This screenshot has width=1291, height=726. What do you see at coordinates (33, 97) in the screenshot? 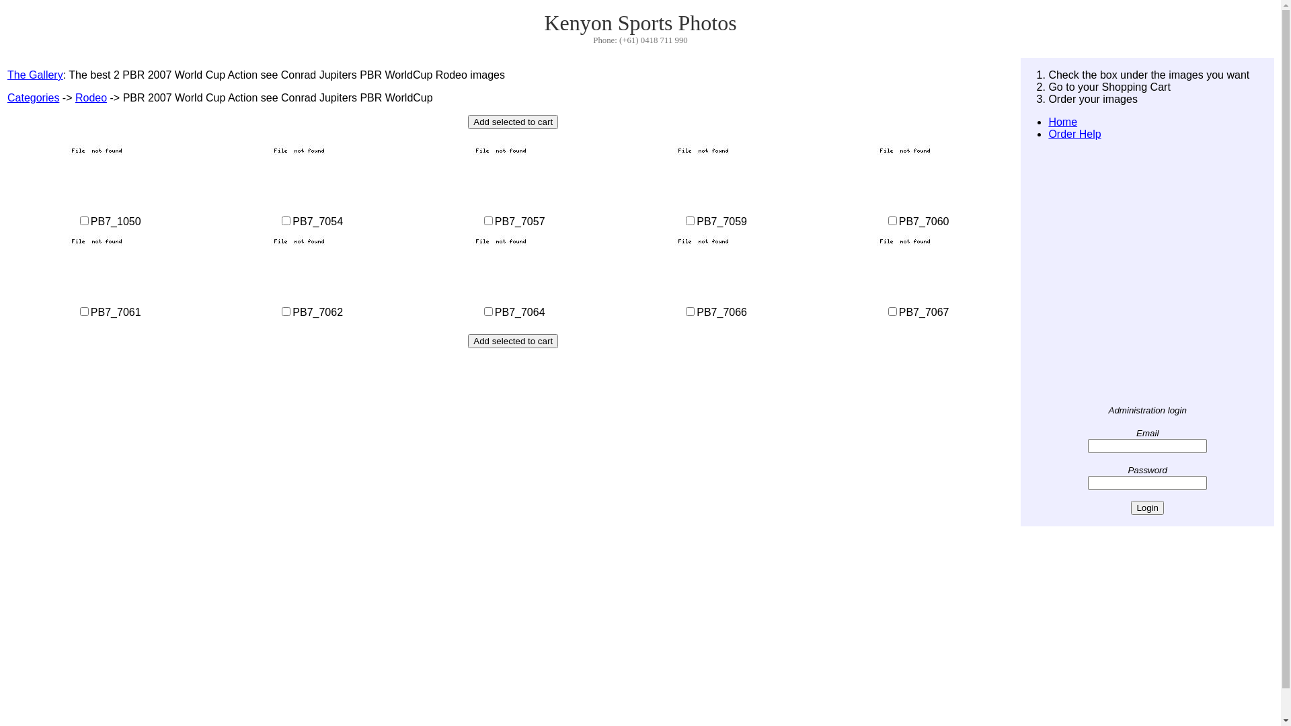
I see `'Categories'` at bounding box center [33, 97].